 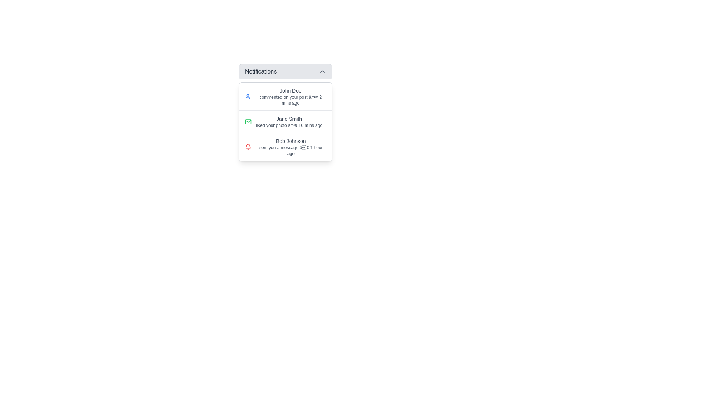 What do you see at coordinates (248, 96) in the screenshot?
I see `the icon representing user 'John Doe' in the first notification entry under the 'Notifications' heading` at bounding box center [248, 96].